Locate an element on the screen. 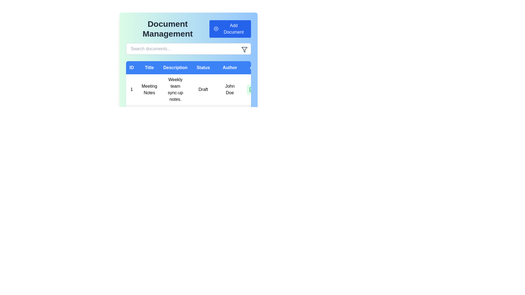 This screenshot has height=295, width=525. the small, green-colored pen icon located in the 'Author' column of the table, aligned with the 'Meeting Notes' entry is located at coordinates (252, 88).